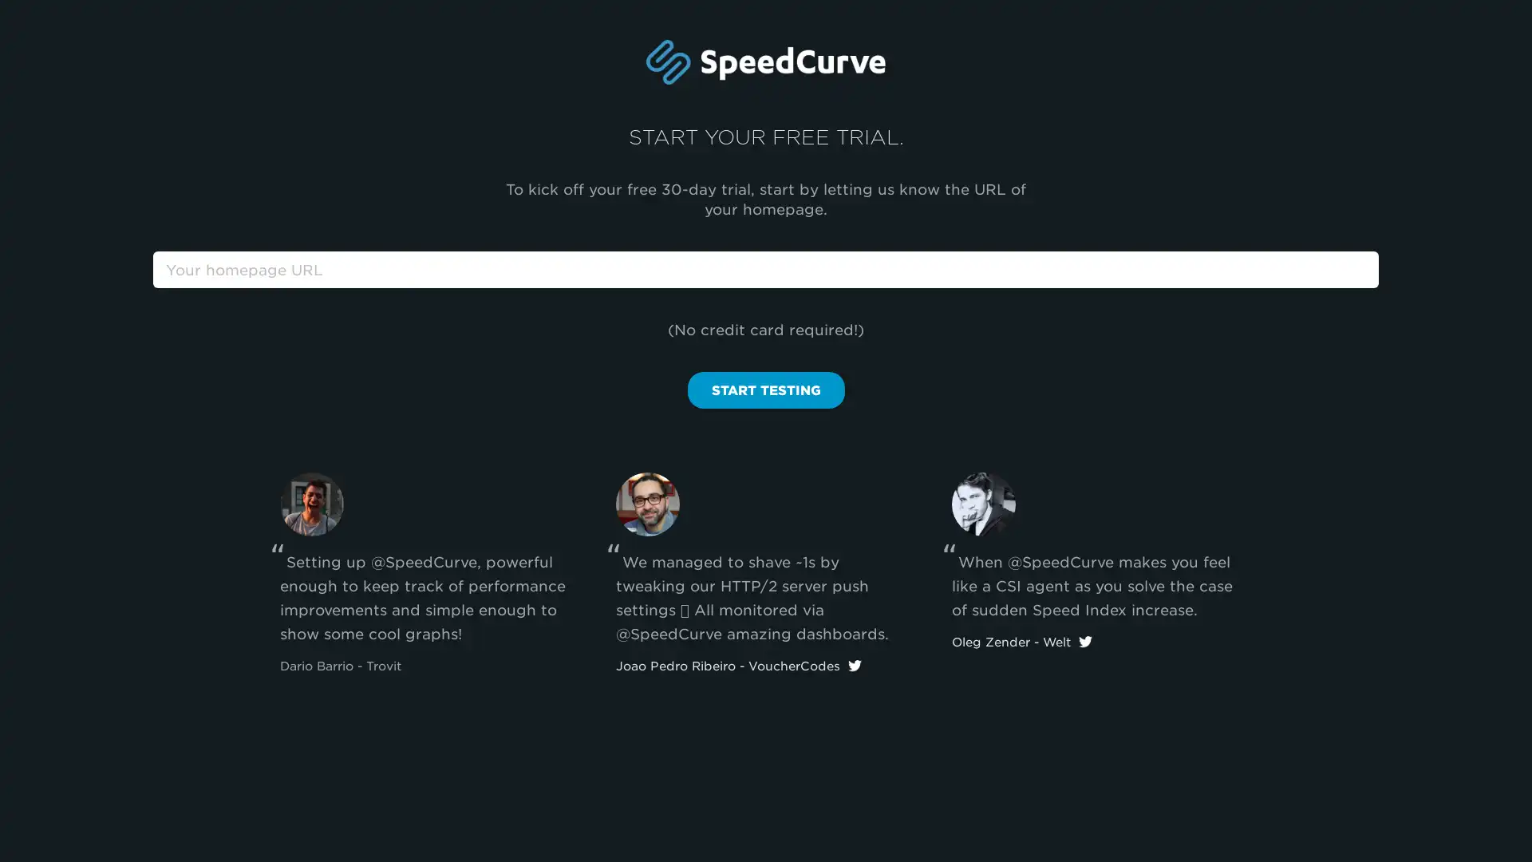 This screenshot has width=1532, height=862. I want to click on START TESTING, so click(764, 390).